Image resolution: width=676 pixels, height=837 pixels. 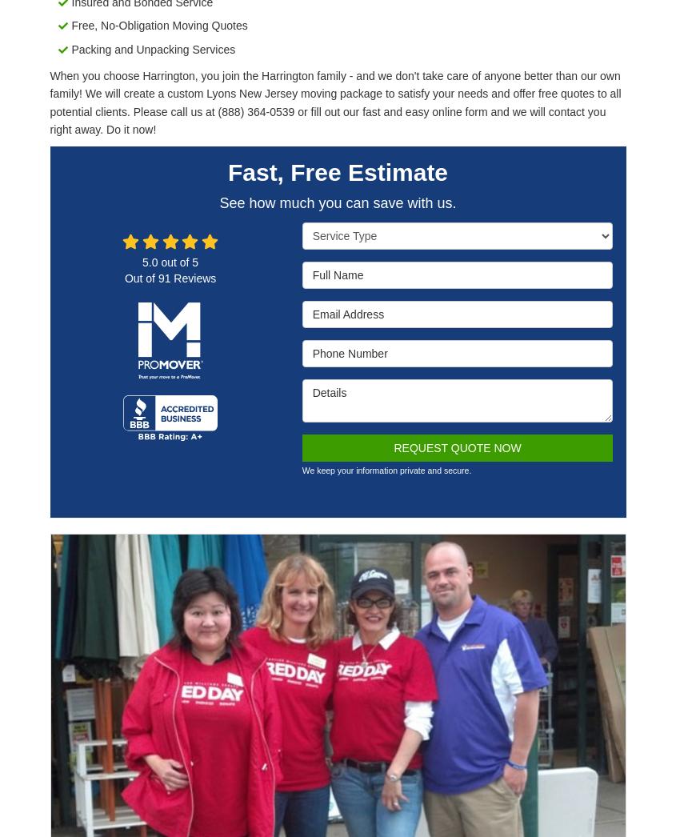 What do you see at coordinates (192, 276) in the screenshot?
I see `'Reviews'` at bounding box center [192, 276].